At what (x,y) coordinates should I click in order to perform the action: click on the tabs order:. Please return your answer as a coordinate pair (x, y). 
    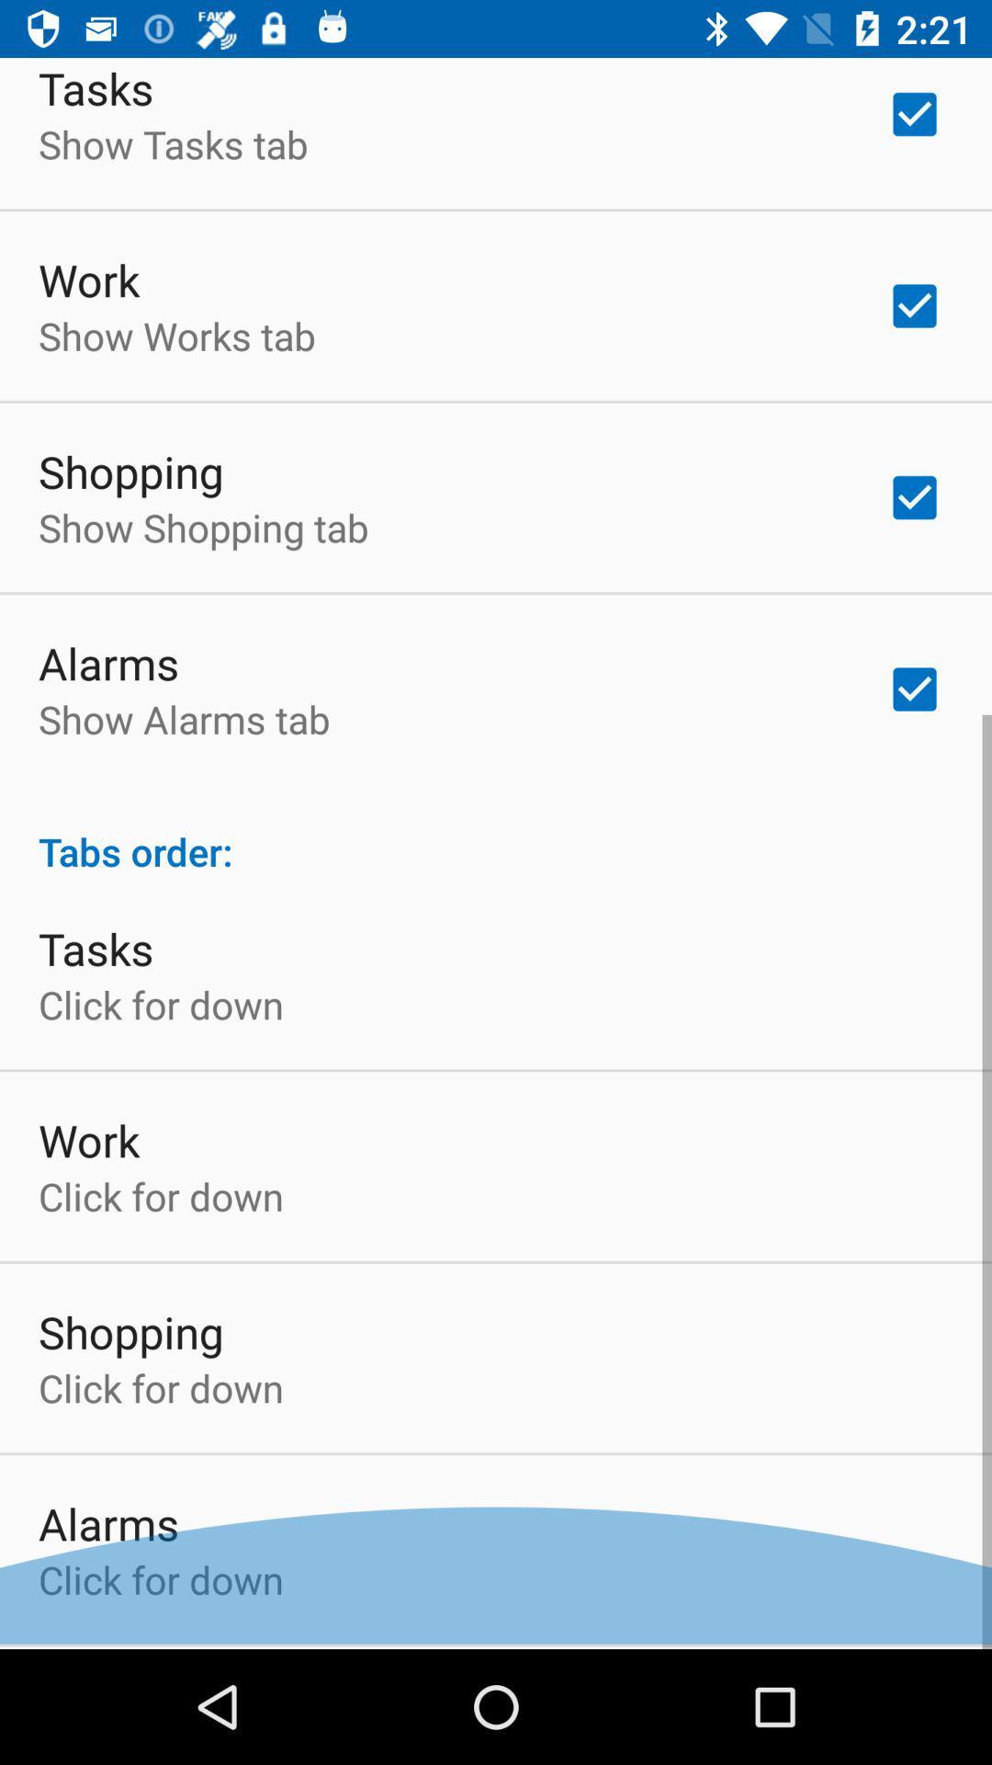
    Looking at the image, I should click on (496, 836).